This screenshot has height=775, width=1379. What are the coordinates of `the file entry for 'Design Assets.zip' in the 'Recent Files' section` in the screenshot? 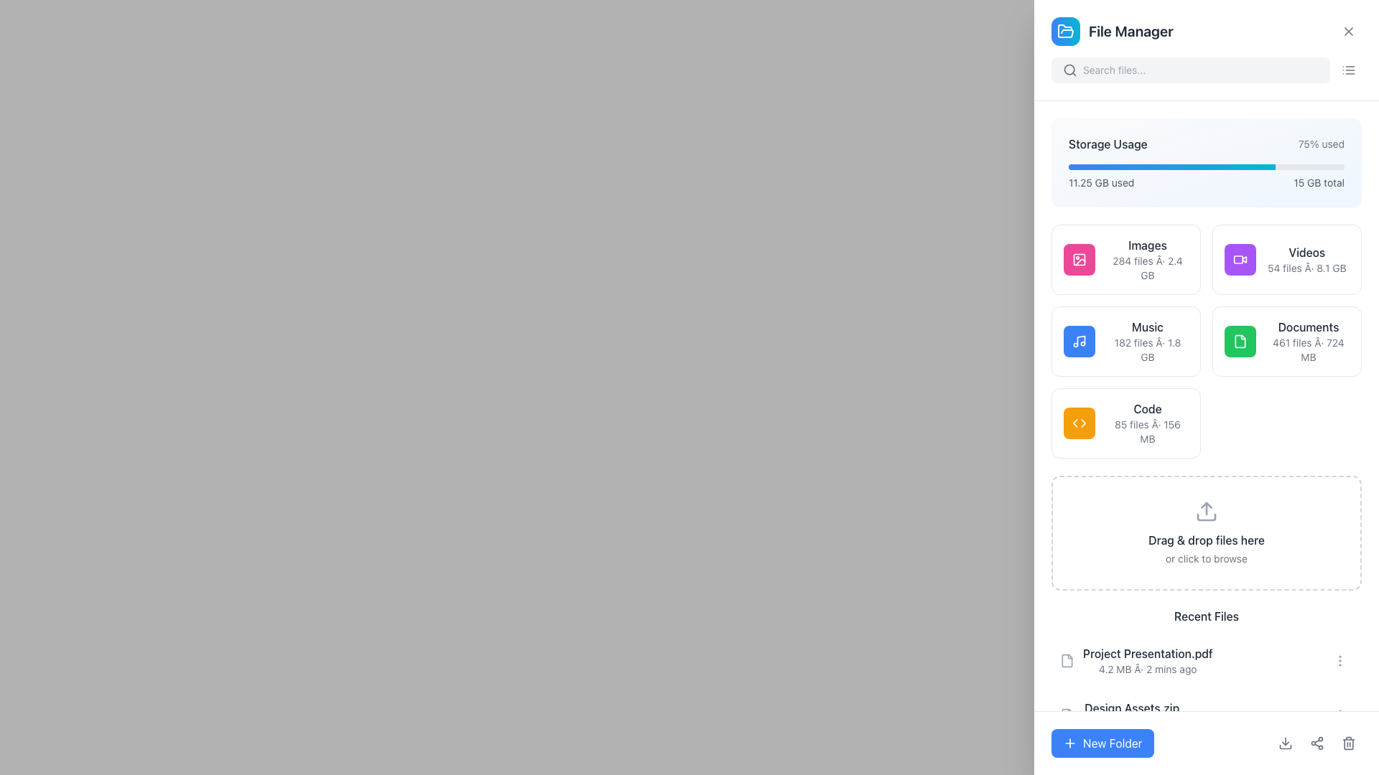 It's located at (1207, 715).